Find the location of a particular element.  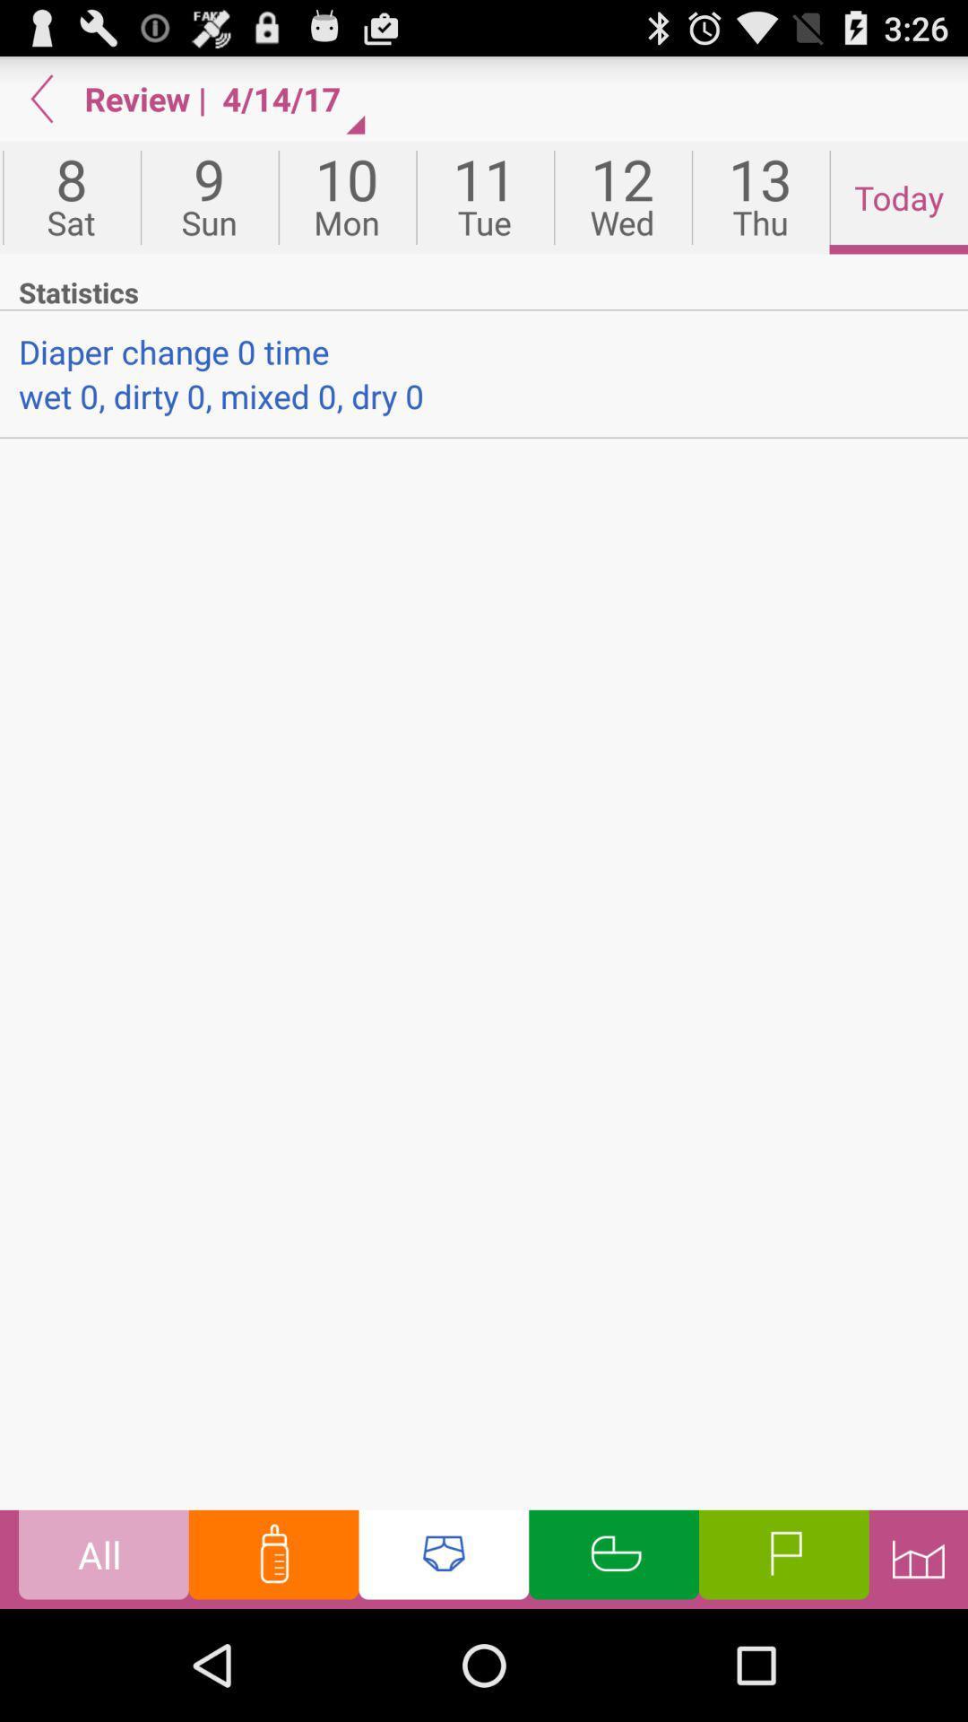

back is located at coordinates (41, 98).